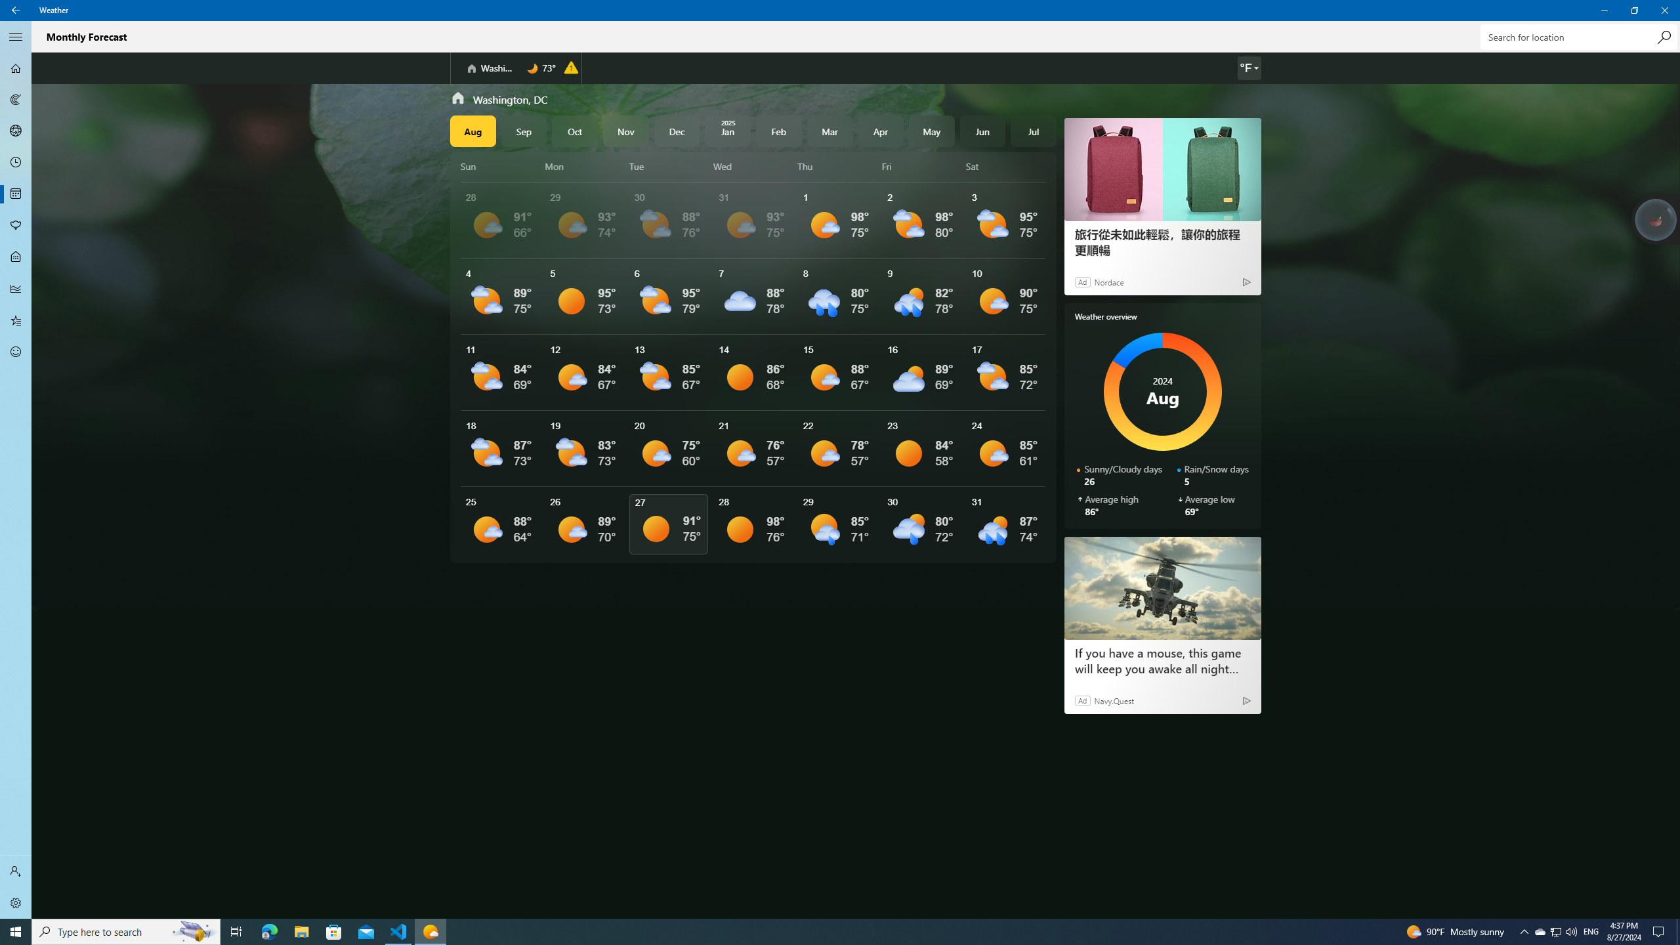  I want to click on 'Collapse Navigation', so click(16, 36).